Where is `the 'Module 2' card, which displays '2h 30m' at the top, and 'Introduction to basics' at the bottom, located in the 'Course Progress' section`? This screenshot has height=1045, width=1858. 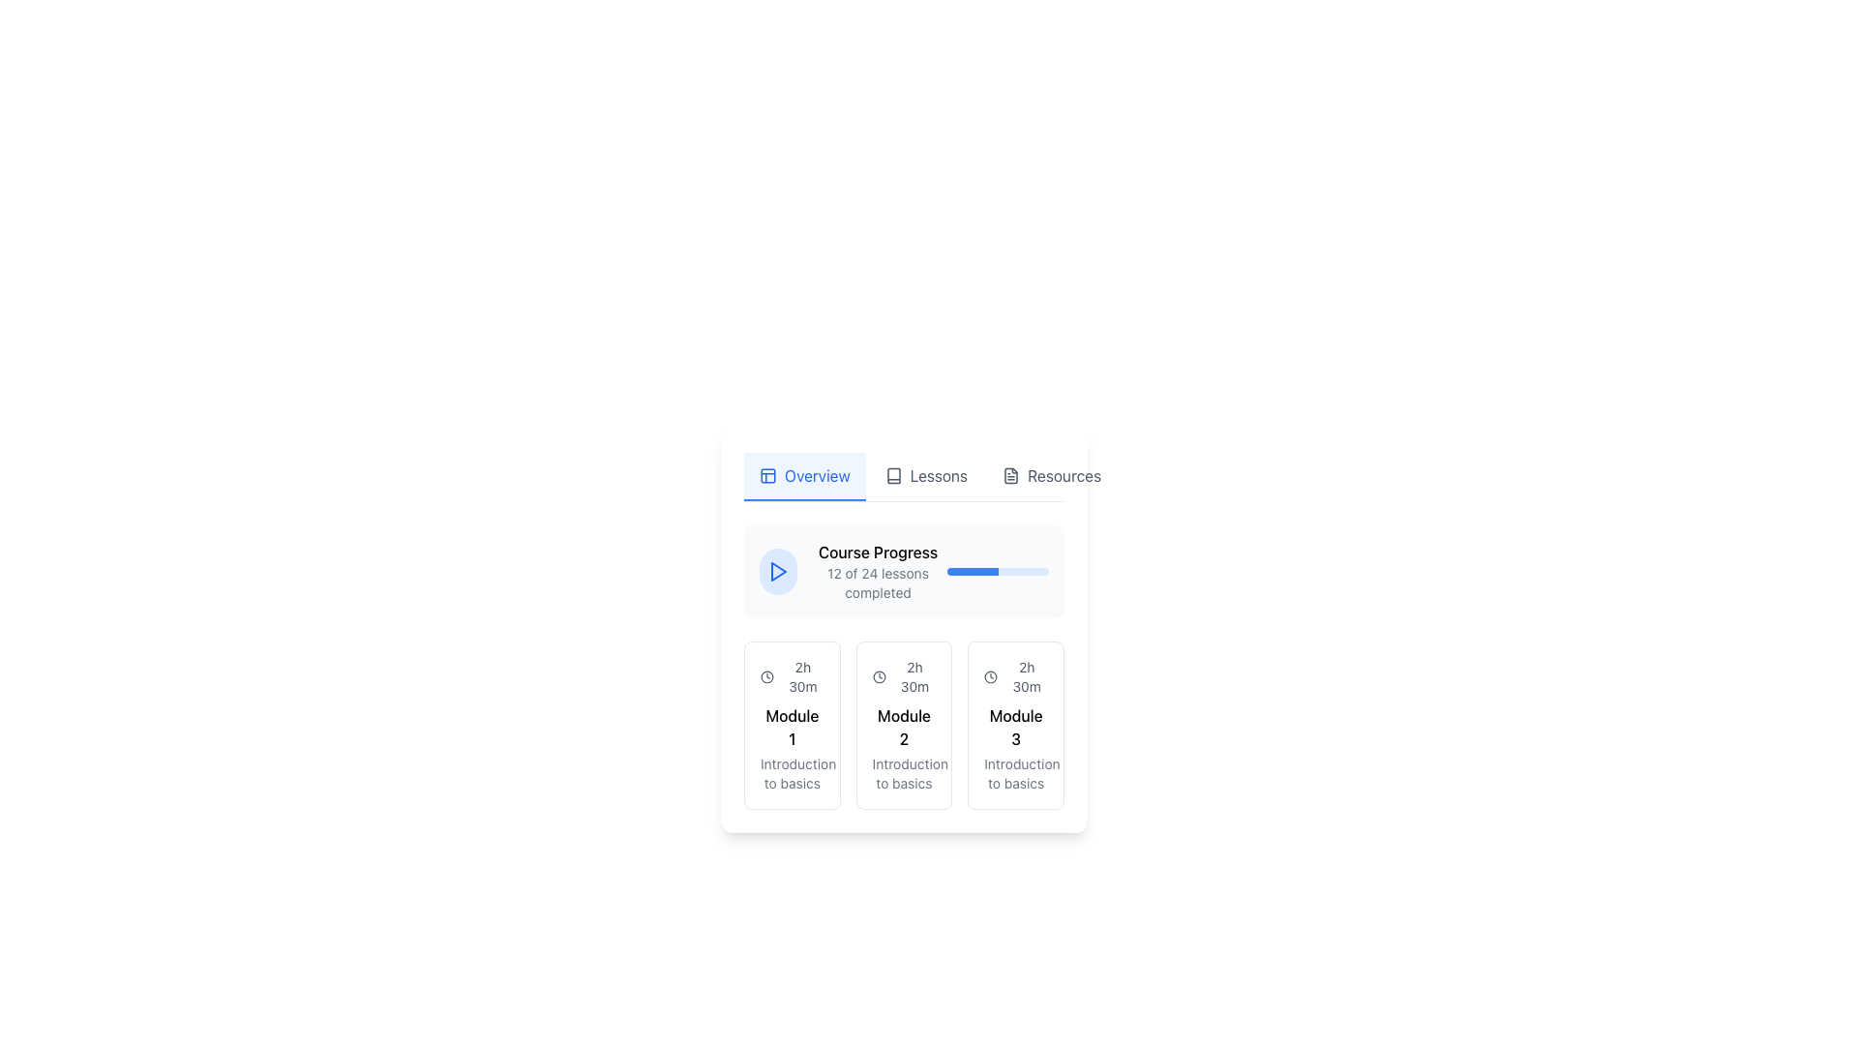 the 'Module 2' card, which displays '2h 30m' at the top, and 'Introduction to basics' at the bottom, located in the 'Course Progress' section is located at coordinates (903, 725).